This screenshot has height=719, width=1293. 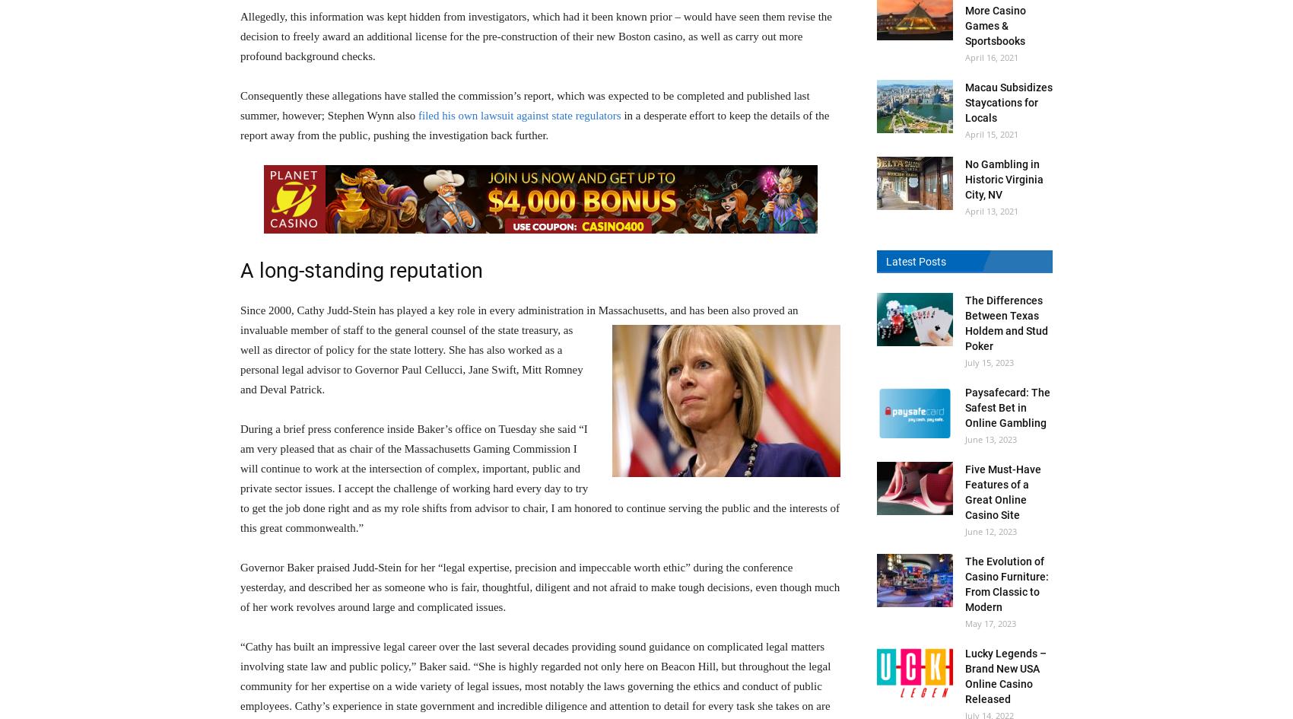 I want to click on 'Macau Subsidizes Staycations for Locals', so click(x=1009, y=103).